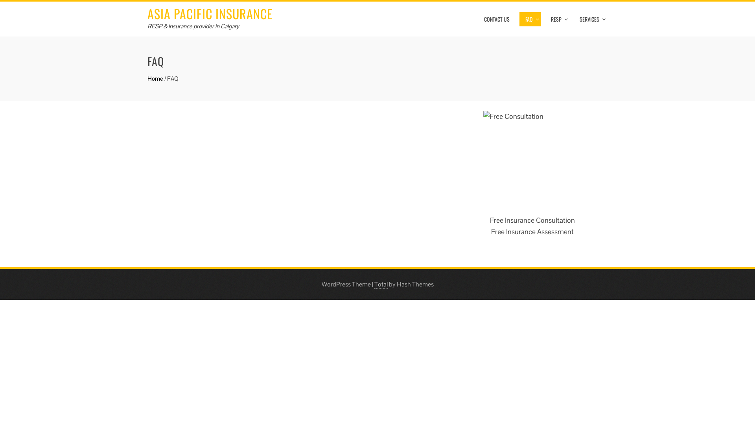  I want to click on 'RESP & Insurance provider in Calgary', so click(193, 26).